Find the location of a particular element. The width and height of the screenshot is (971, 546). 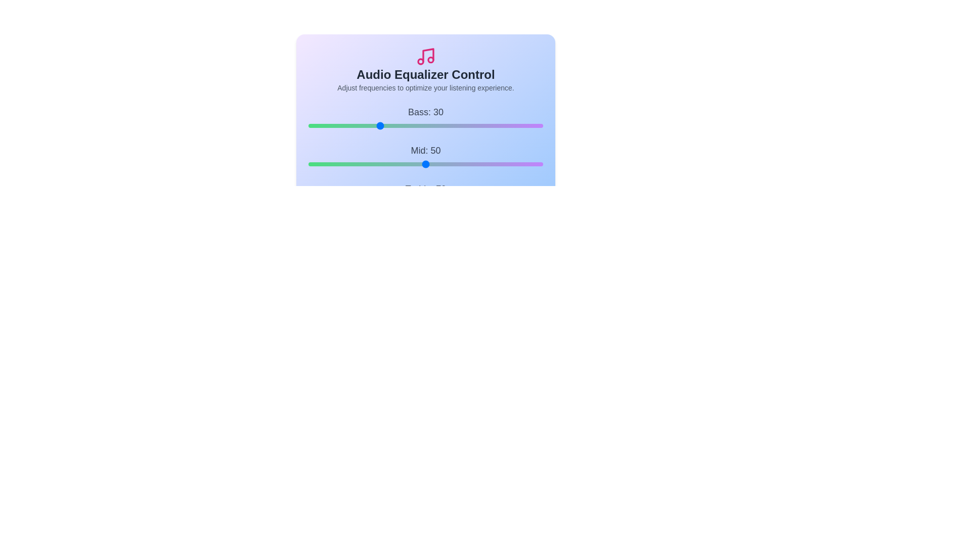

the 'Mid' slider to set the midrange level to 51 is located at coordinates (428, 163).